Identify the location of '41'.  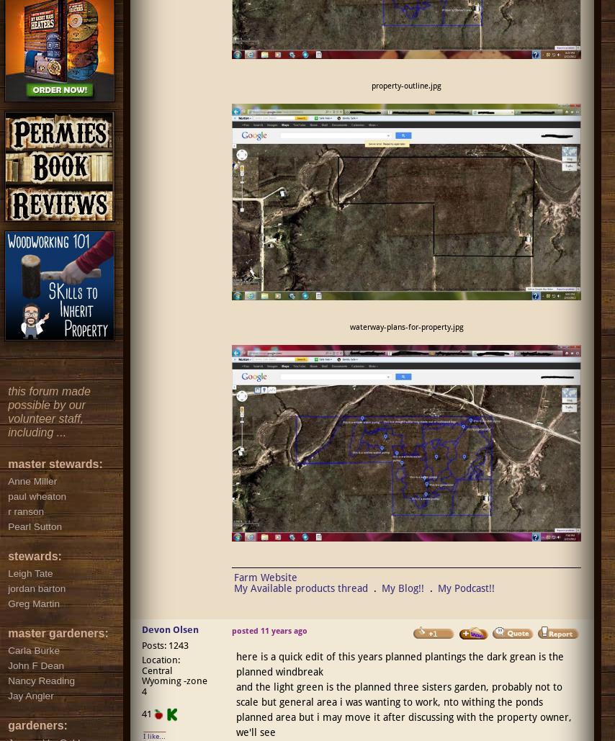
(145, 712).